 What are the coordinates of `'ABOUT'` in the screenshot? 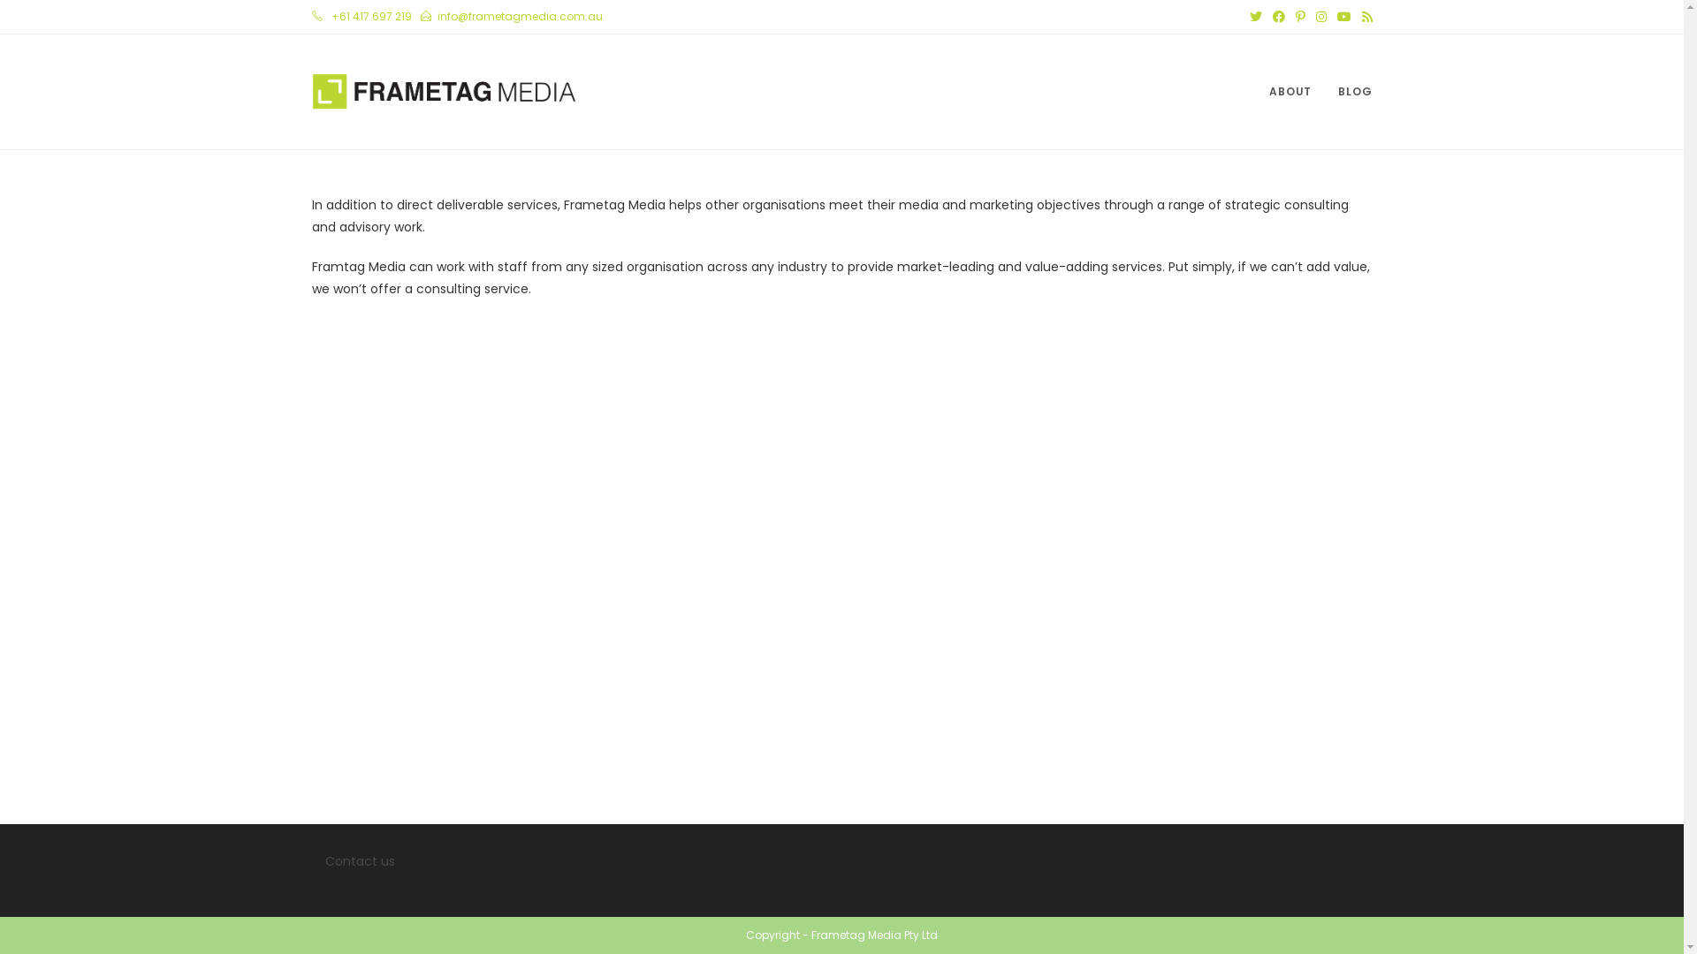 It's located at (1290, 92).